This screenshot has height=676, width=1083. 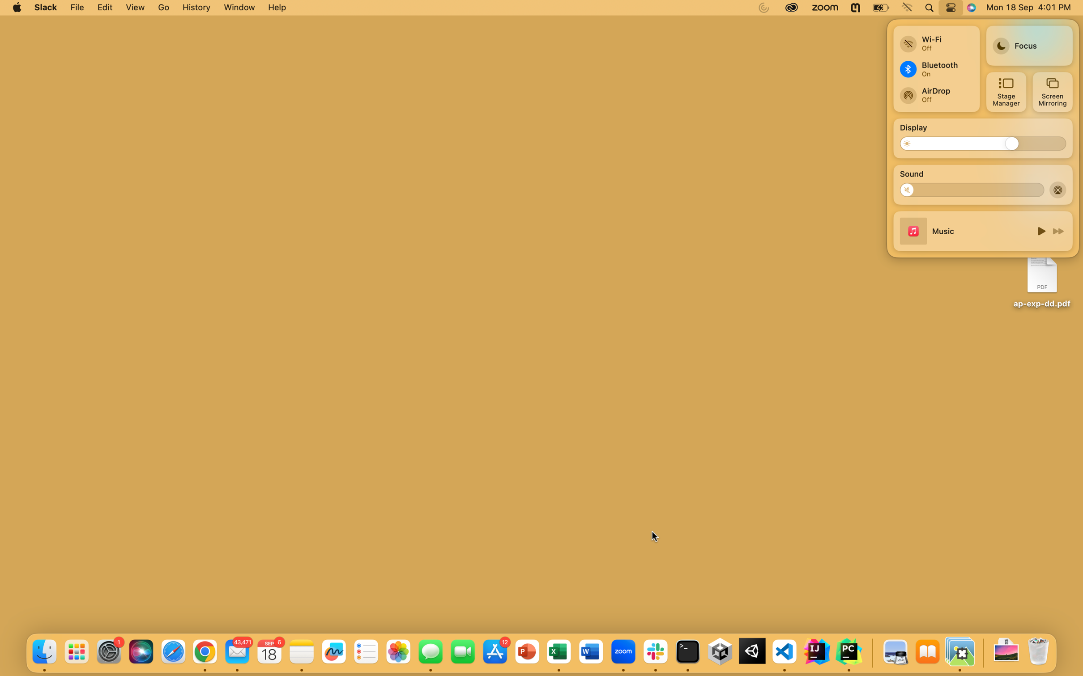 What do you see at coordinates (912, 143) in the screenshot?
I see `the brightness of the screen` at bounding box center [912, 143].